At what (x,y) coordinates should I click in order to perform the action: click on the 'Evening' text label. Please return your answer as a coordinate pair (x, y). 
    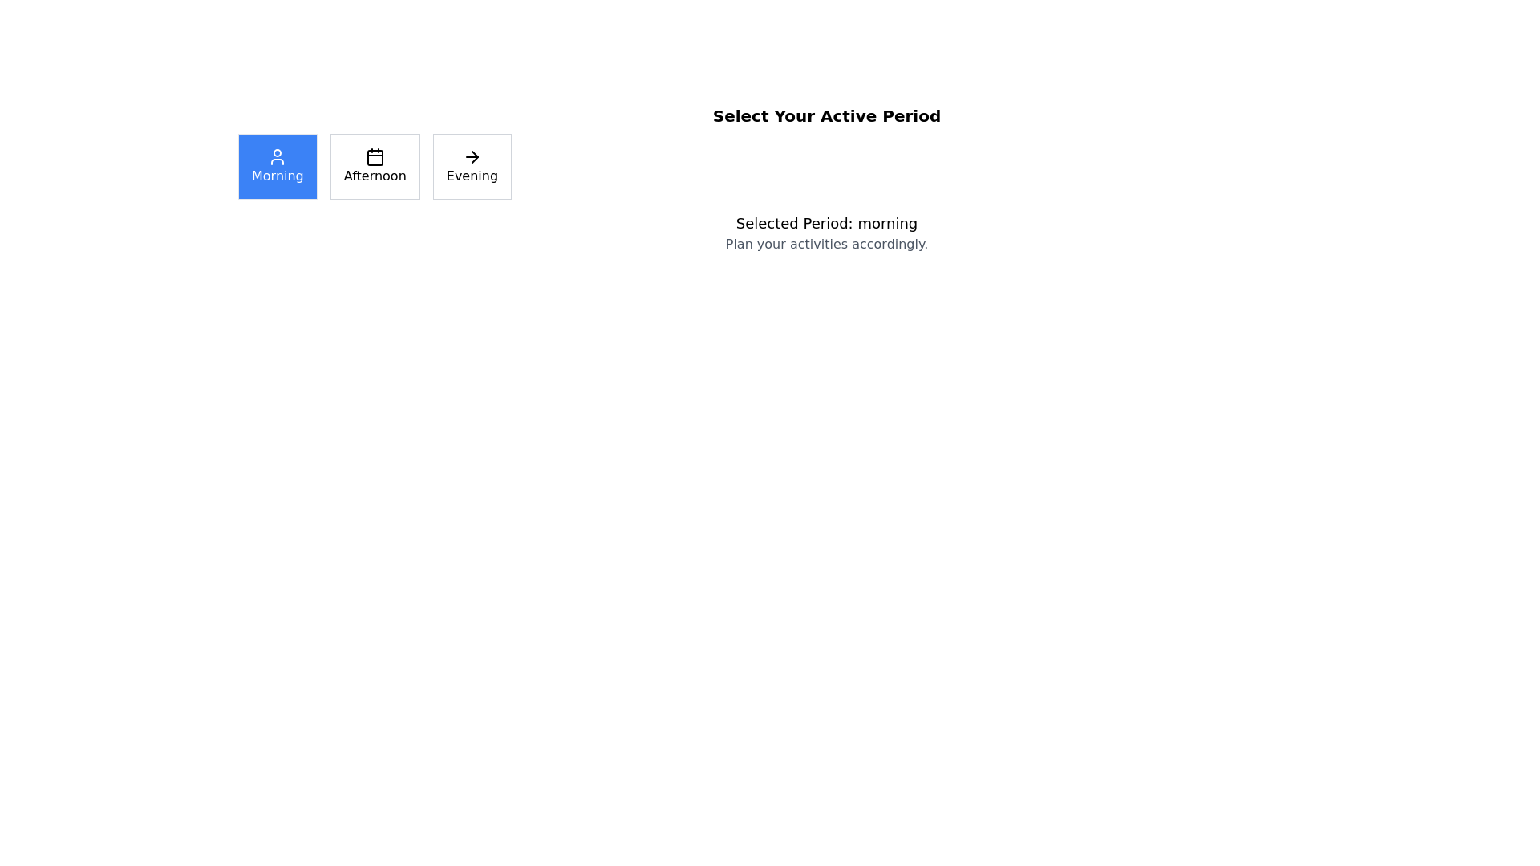
    Looking at the image, I should click on (471, 176).